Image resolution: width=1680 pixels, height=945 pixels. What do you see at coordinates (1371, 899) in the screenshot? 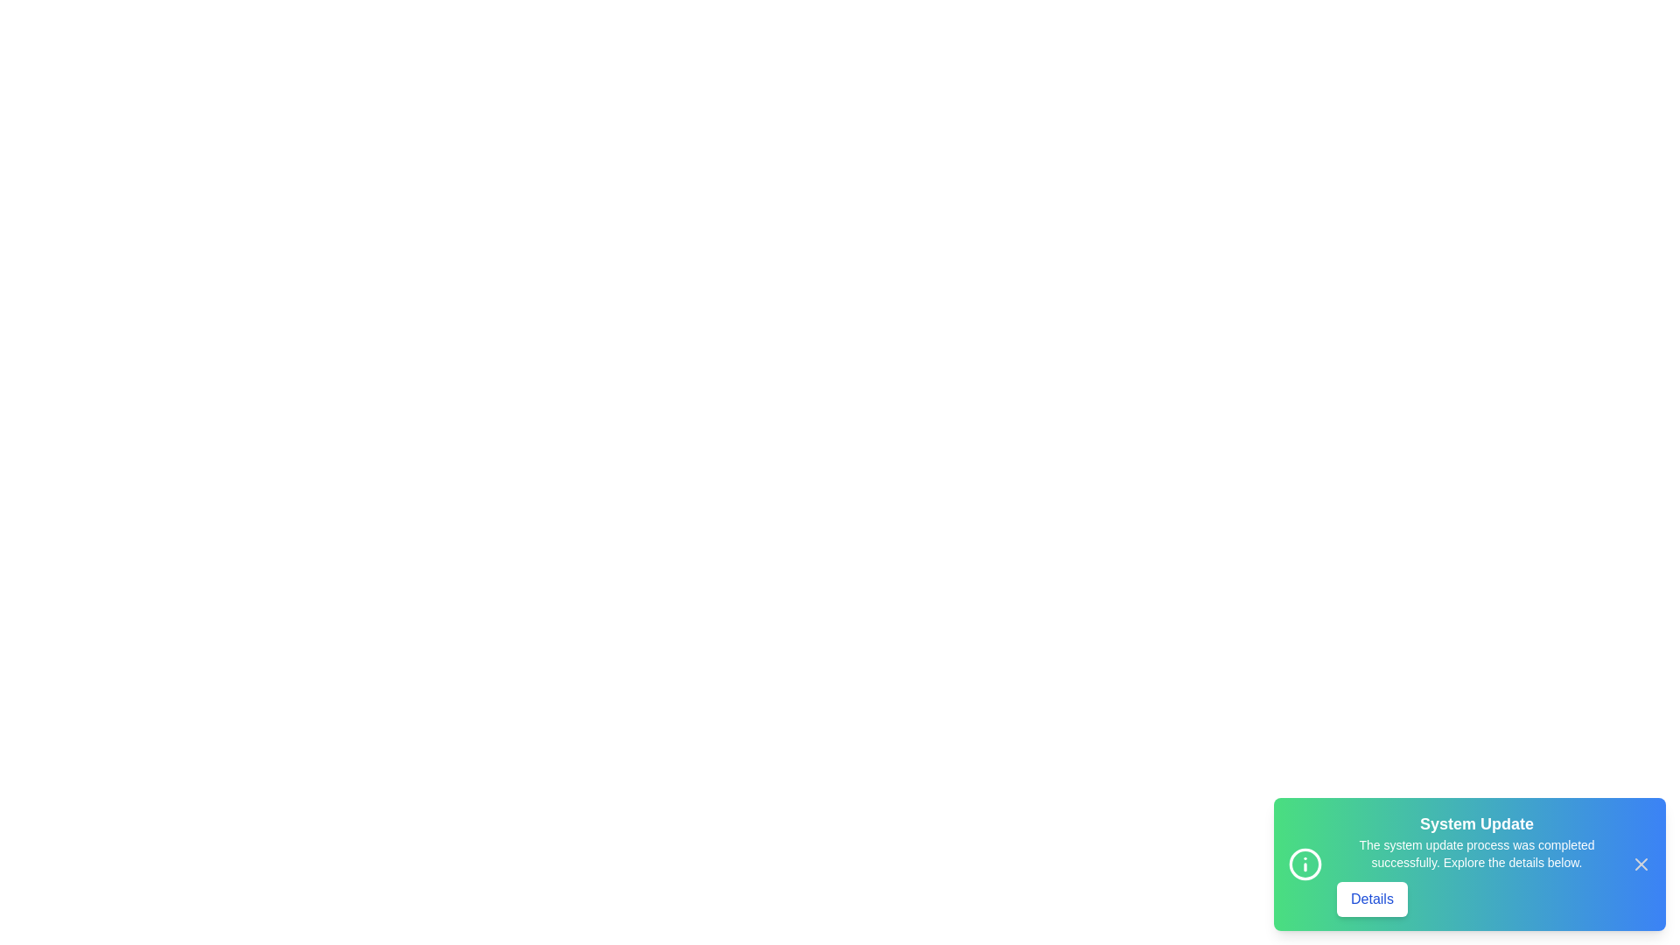
I see `the 'Details' button to display additional information` at bounding box center [1371, 899].